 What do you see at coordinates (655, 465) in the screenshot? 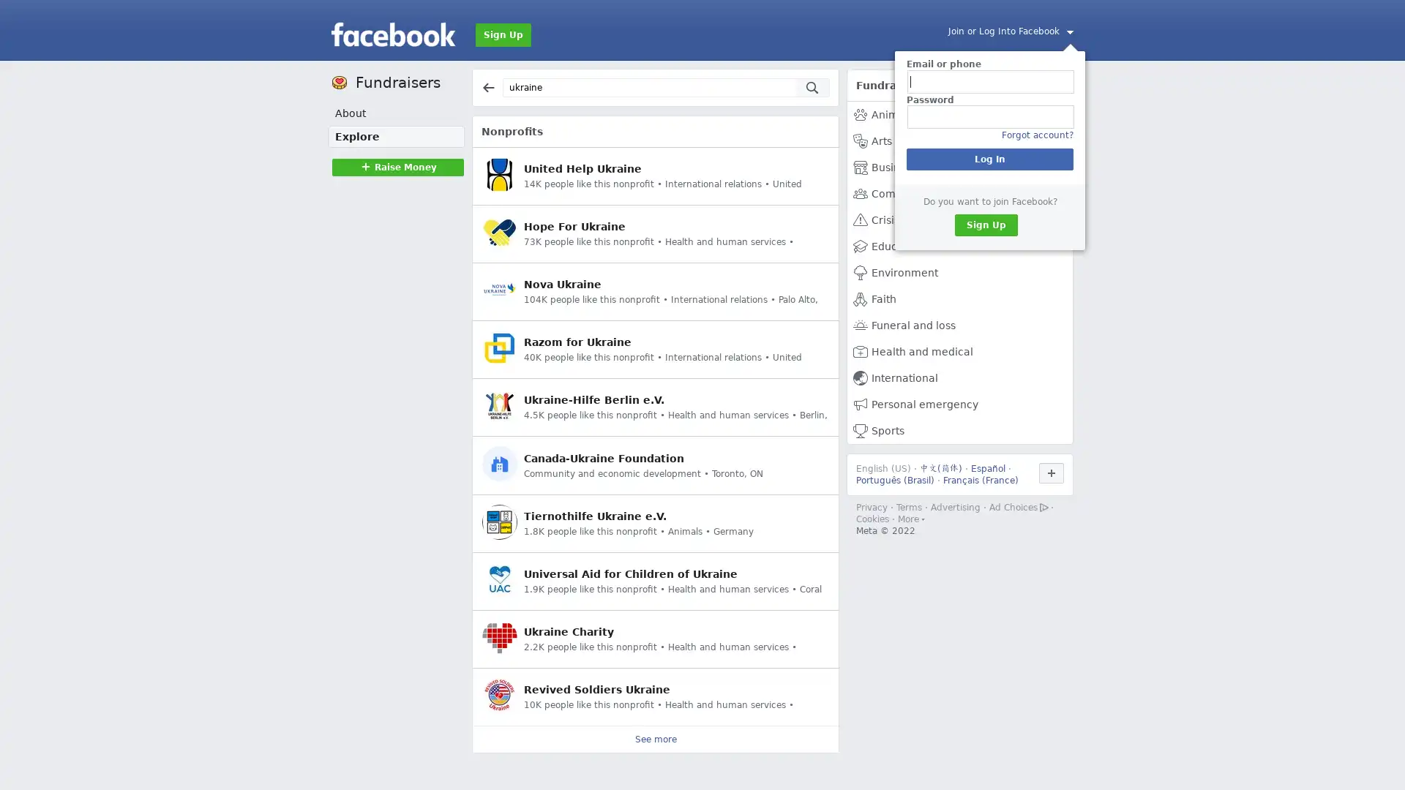
I see `Canada-Ukraine Foundation Community and economic development  Toronto, ON` at bounding box center [655, 465].